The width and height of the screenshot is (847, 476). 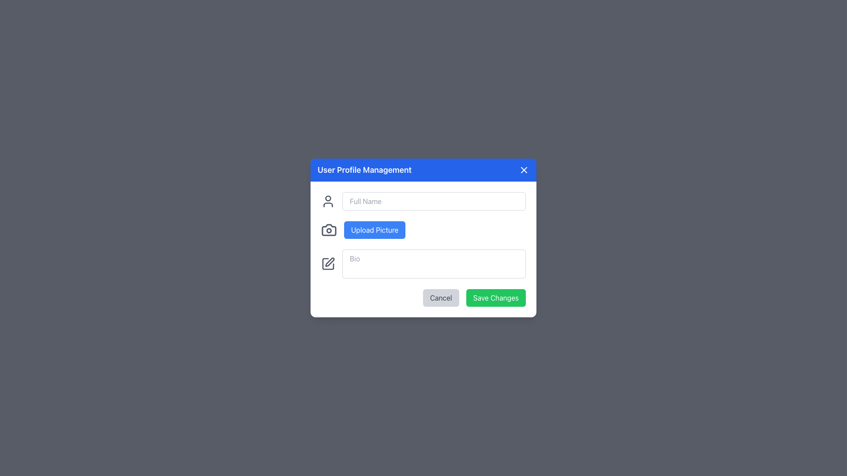 I want to click on the small square icon with a pen symbol located to the left of the 'Bio' text area, so click(x=328, y=263).